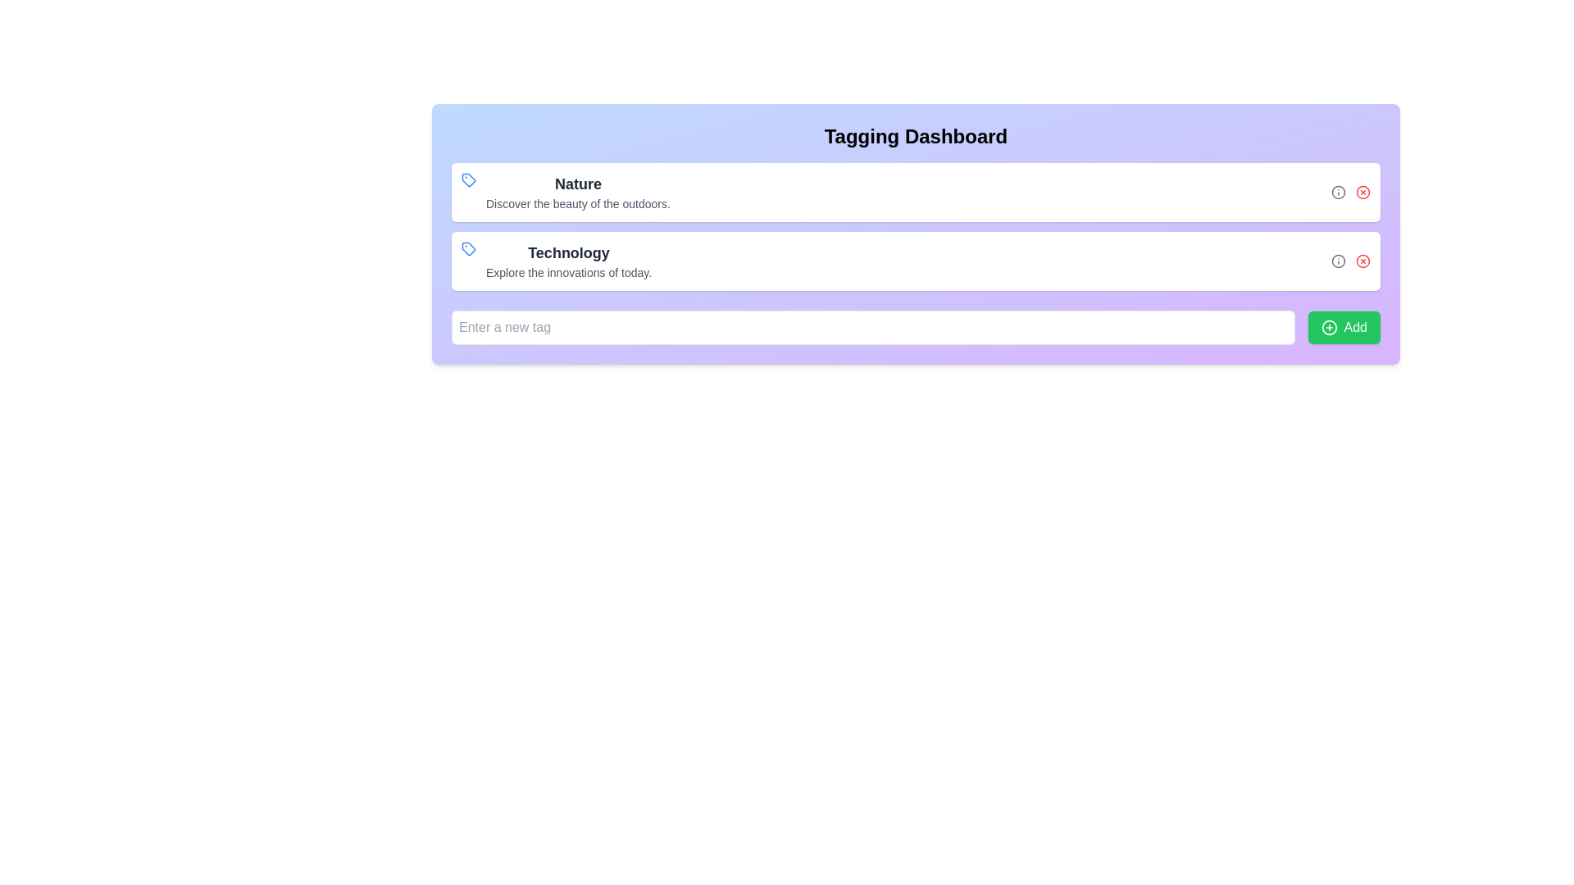 This screenshot has height=885, width=1574. Describe the element at coordinates (1338, 261) in the screenshot. I see `the tooltip icon button located to the right side of the 'Technology' entry in the second row of grouped elements` at that location.